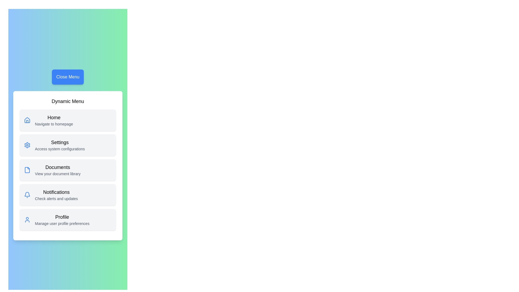 This screenshot has height=292, width=519. Describe the element at coordinates (67, 145) in the screenshot. I see `the menu item corresponding to Settings` at that location.